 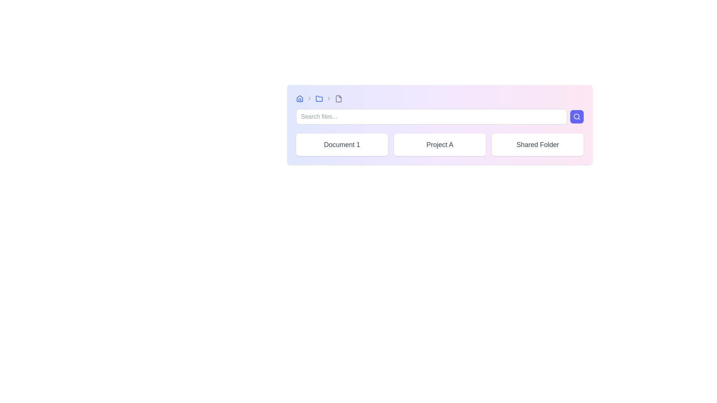 What do you see at coordinates (299, 98) in the screenshot?
I see `the interactive navigation link icon located at the leftmost side of the breadcrumb navigation section` at bounding box center [299, 98].